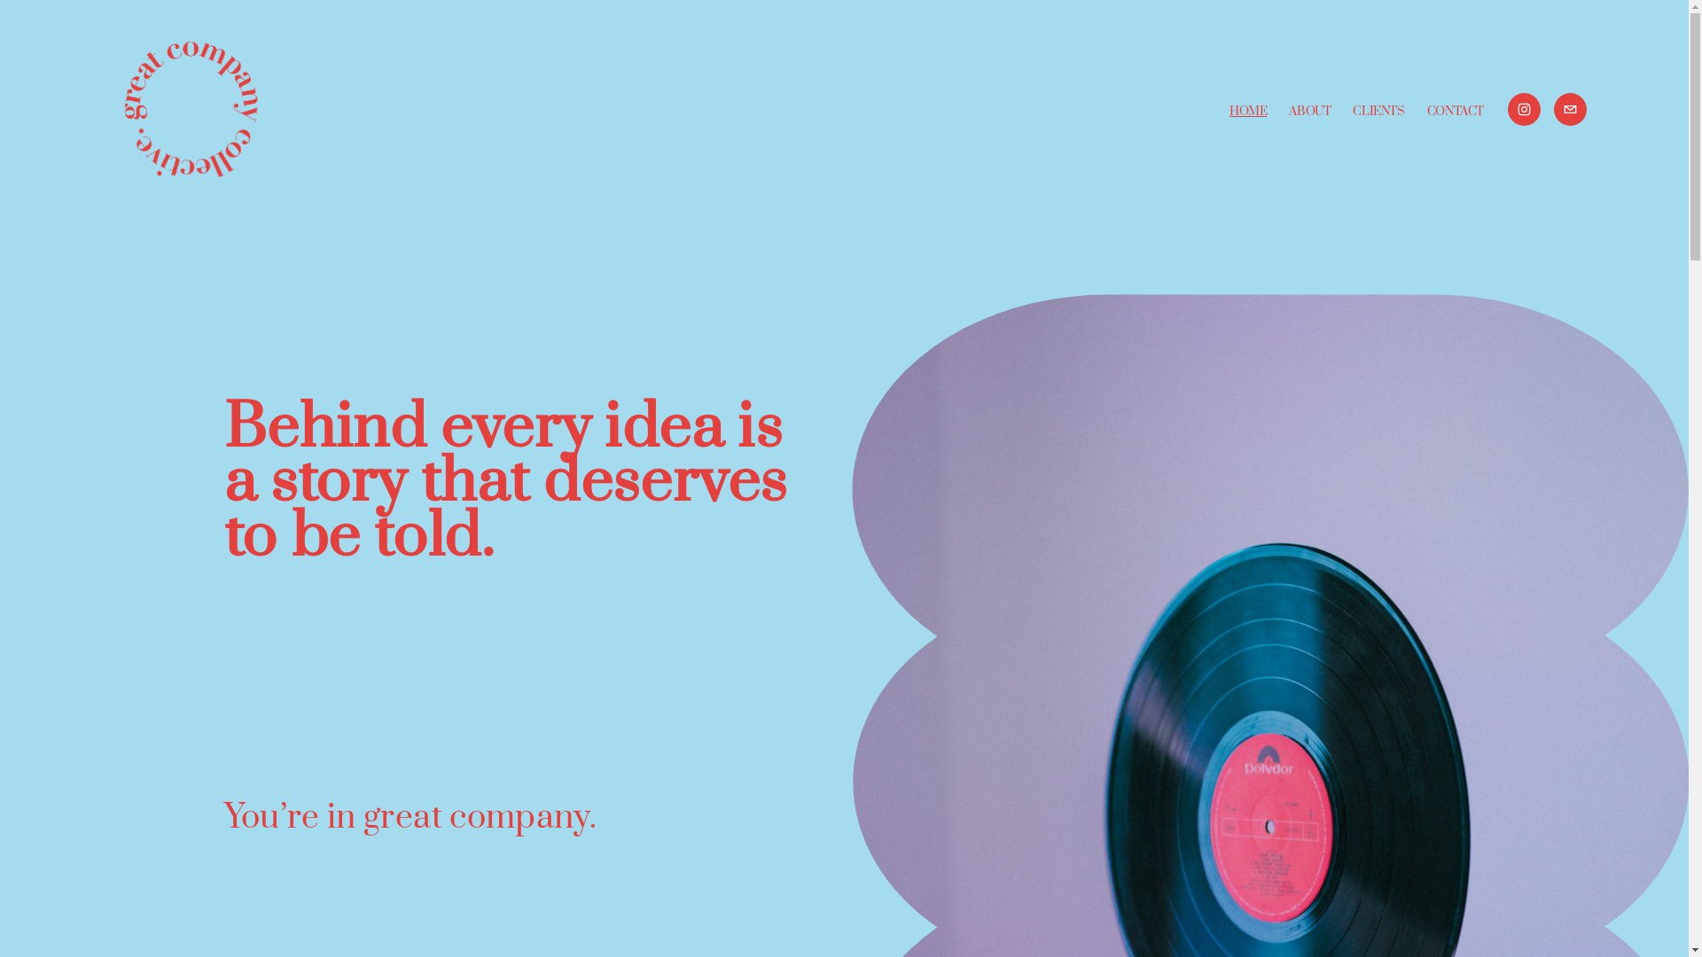 This screenshot has width=1702, height=957. Describe the element at coordinates (1309, 112) in the screenshot. I see `'ABOUT'` at that location.